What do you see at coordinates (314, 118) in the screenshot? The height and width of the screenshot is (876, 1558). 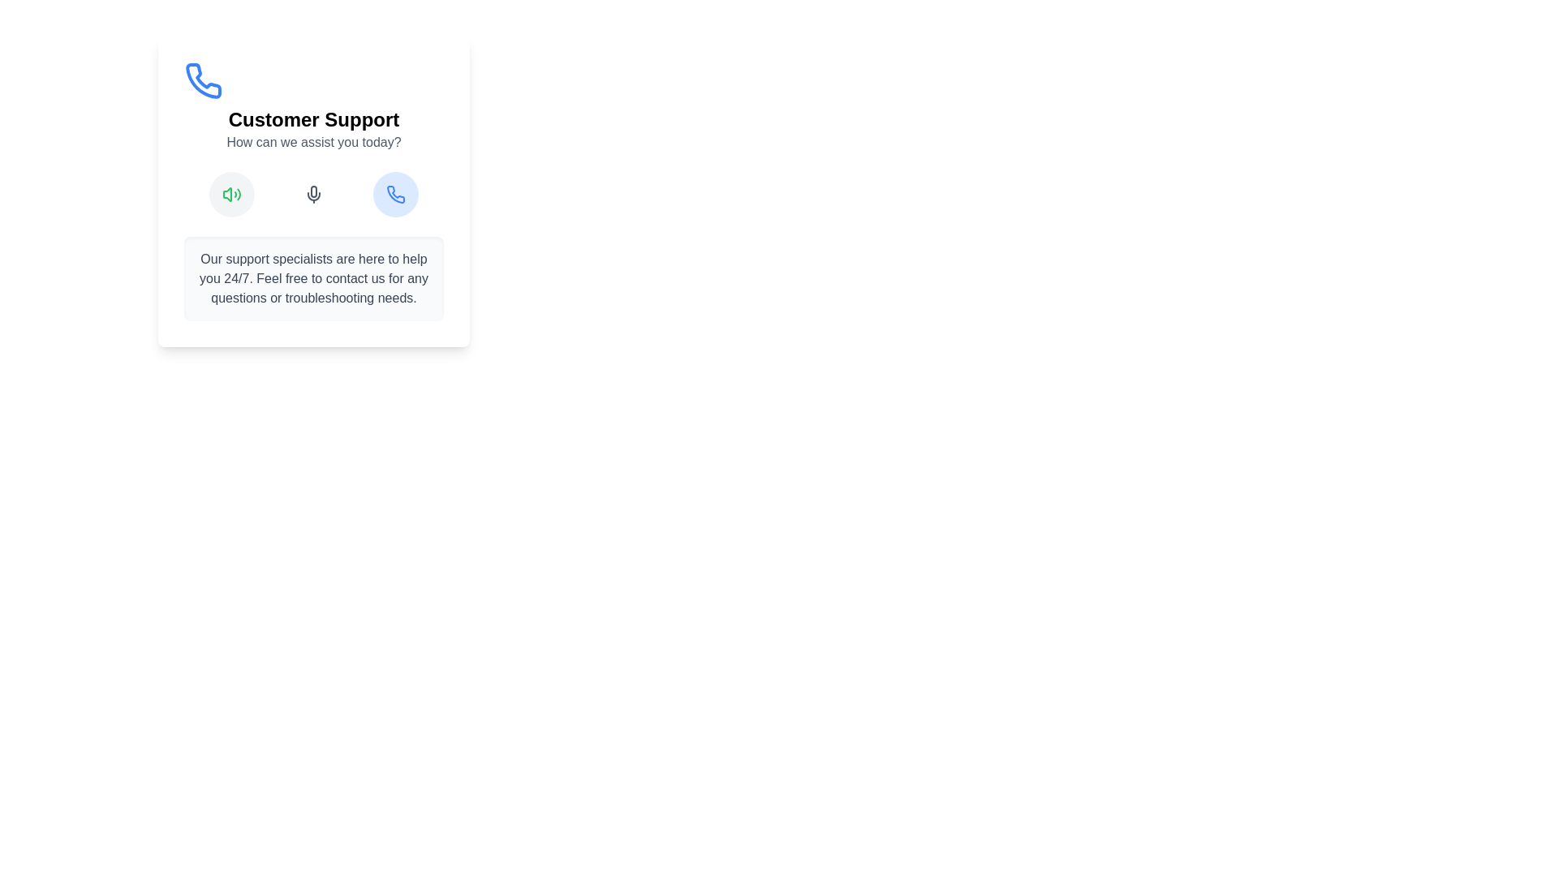 I see `main title text content located beneath a phone icon and above the text 'How can we assist you today?'` at bounding box center [314, 118].